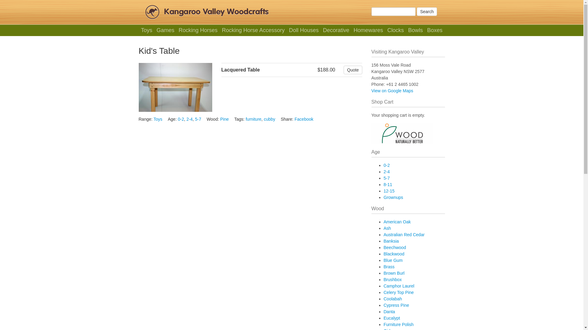 The image size is (588, 330). What do you see at coordinates (353, 69) in the screenshot?
I see `'Quote'` at bounding box center [353, 69].